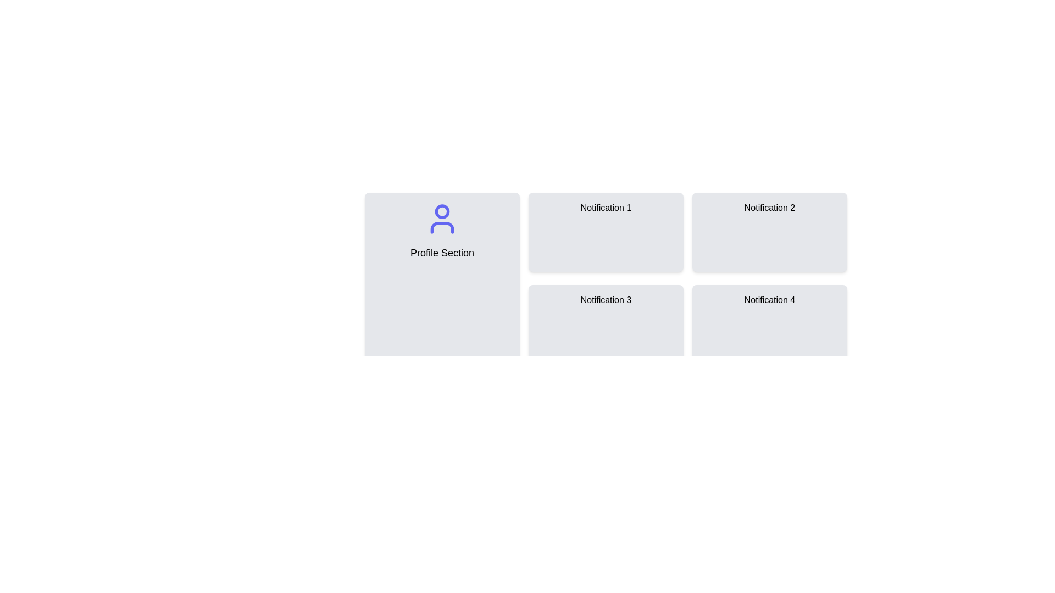 The width and height of the screenshot is (1055, 593). What do you see at coordinates (442, 211) in the screenshot?
I see `the circular ornamental element that represents the head of the user profile icon located in the upper area of the profile section` at bounding box center [442, 211].